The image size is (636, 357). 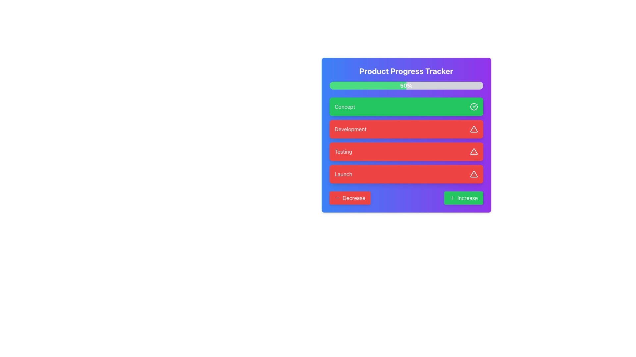 What do you see at coordinates (452, 197) in the screenshot?
I see `the small green square icon with a white '+' symbol located inside the 'Increase' button in the bottom-right corner of the interface` at bounding box center [452, 197].